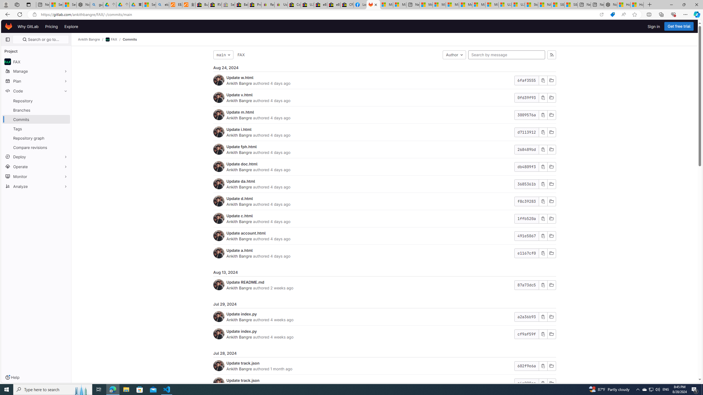 Image resolution: width=703 pixels, height=395 pixels. I want to click on 'Monitor', so click(36, 176).